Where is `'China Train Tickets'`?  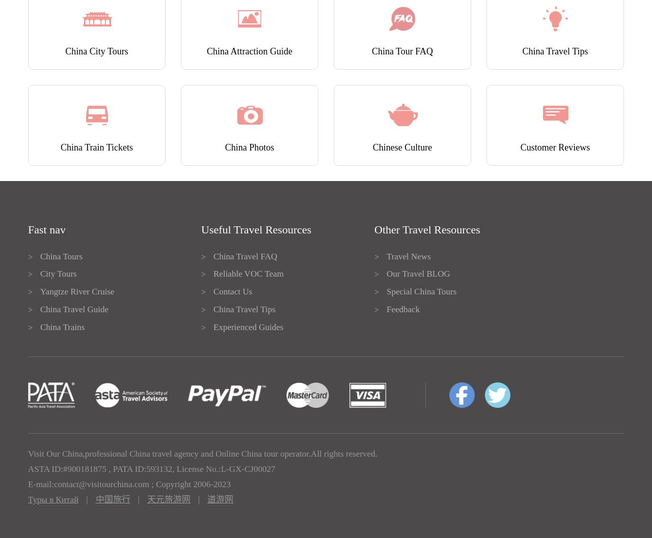
'China Train Tickets' is located at coordinates (96, 146).